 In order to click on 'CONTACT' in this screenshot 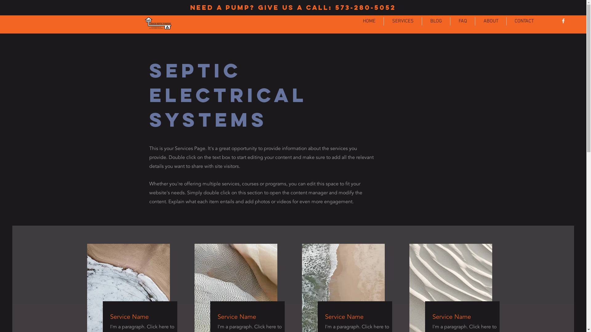, I will do `click(524, 21)`.